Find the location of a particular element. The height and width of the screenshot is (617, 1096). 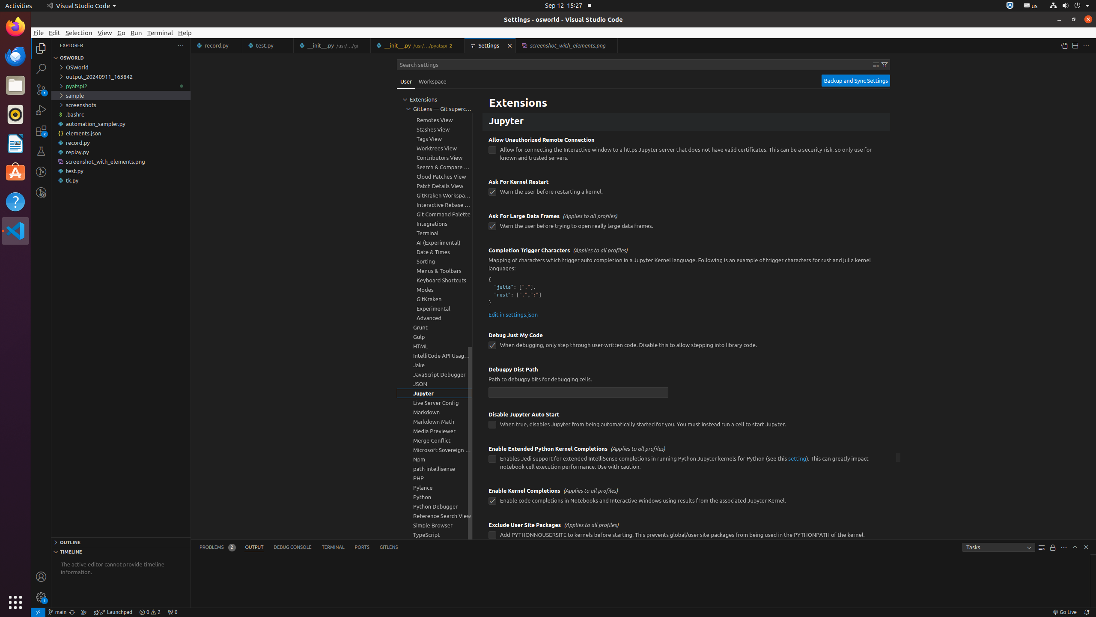

'JSON, group' is located at coordinates (435, 383).